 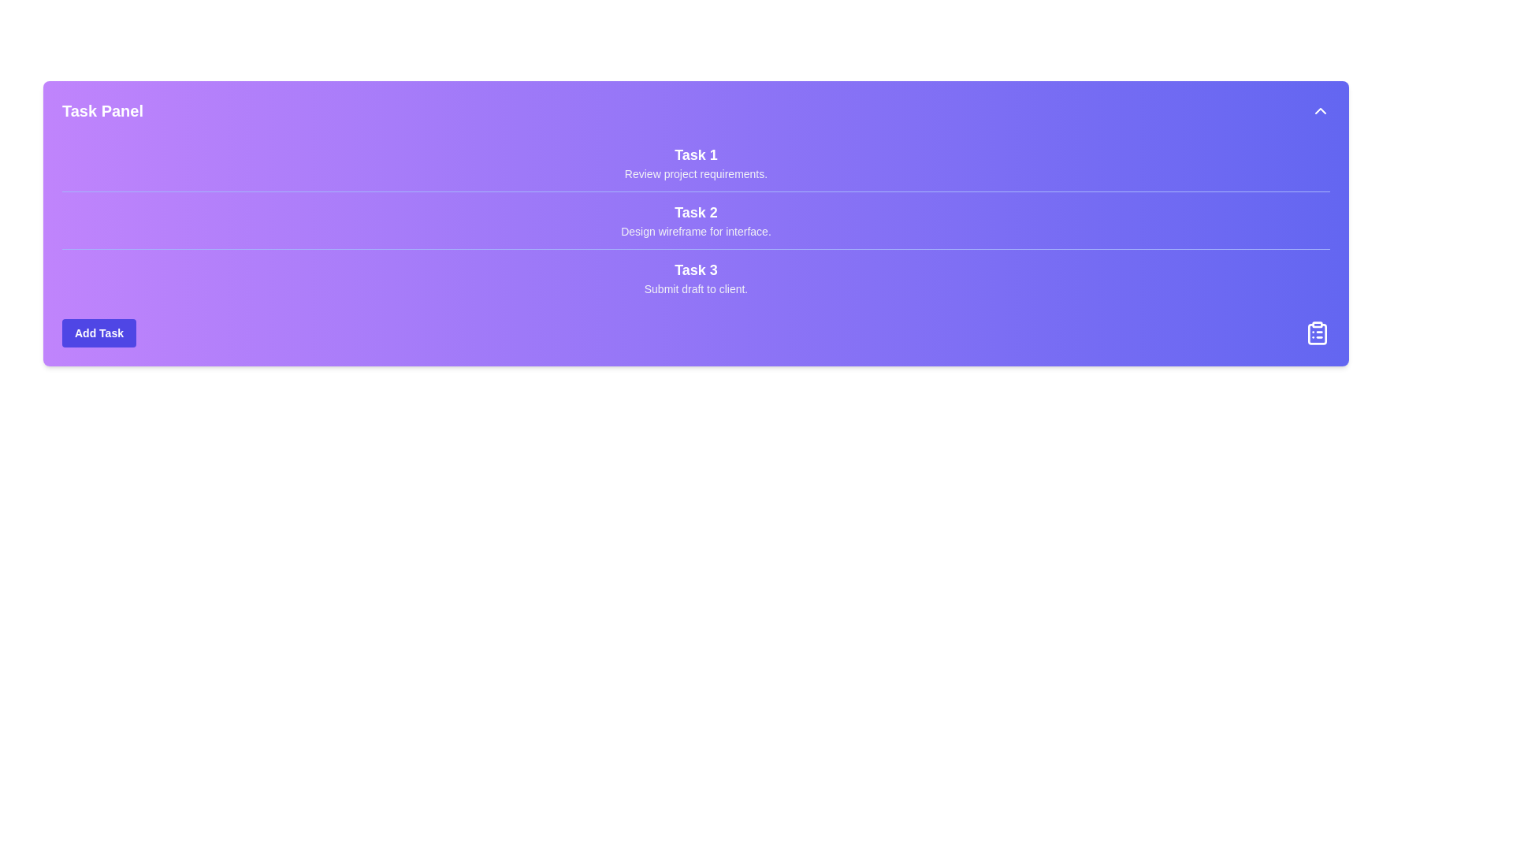 I want to click on the first task item in the Task Panel, so click(x=695, y=163).